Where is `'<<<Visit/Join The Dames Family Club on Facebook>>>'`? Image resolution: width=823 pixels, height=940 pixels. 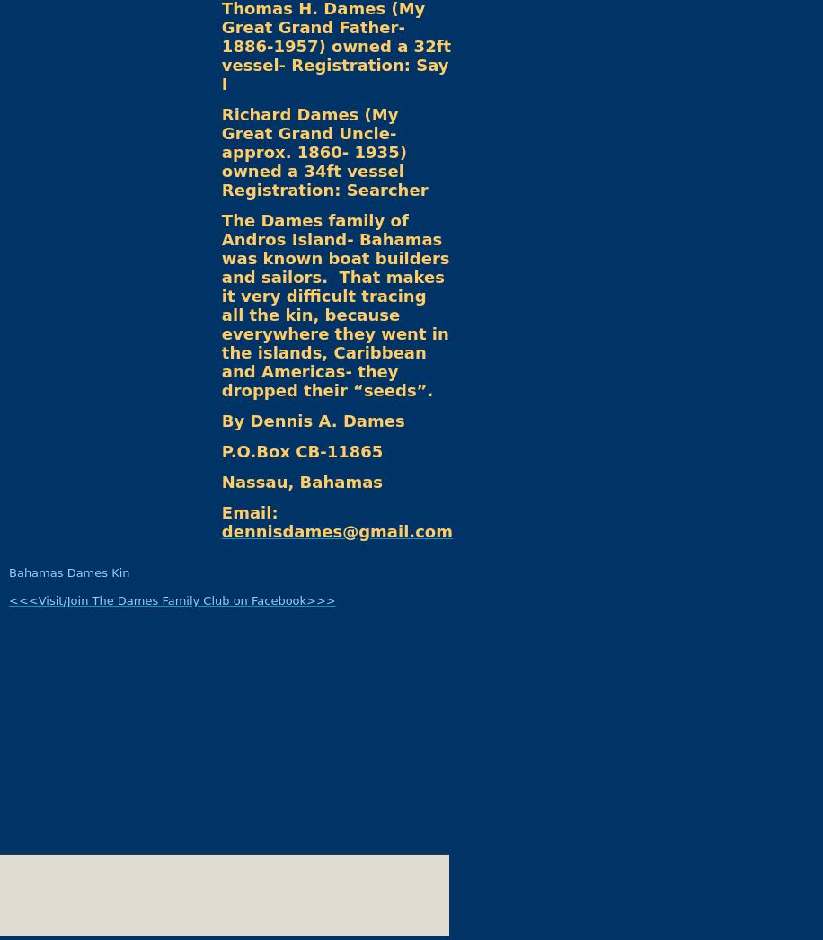 '<<<Visit/Join The Dames Family Club on Facebook>>>' is located at coordinates (171, 599).